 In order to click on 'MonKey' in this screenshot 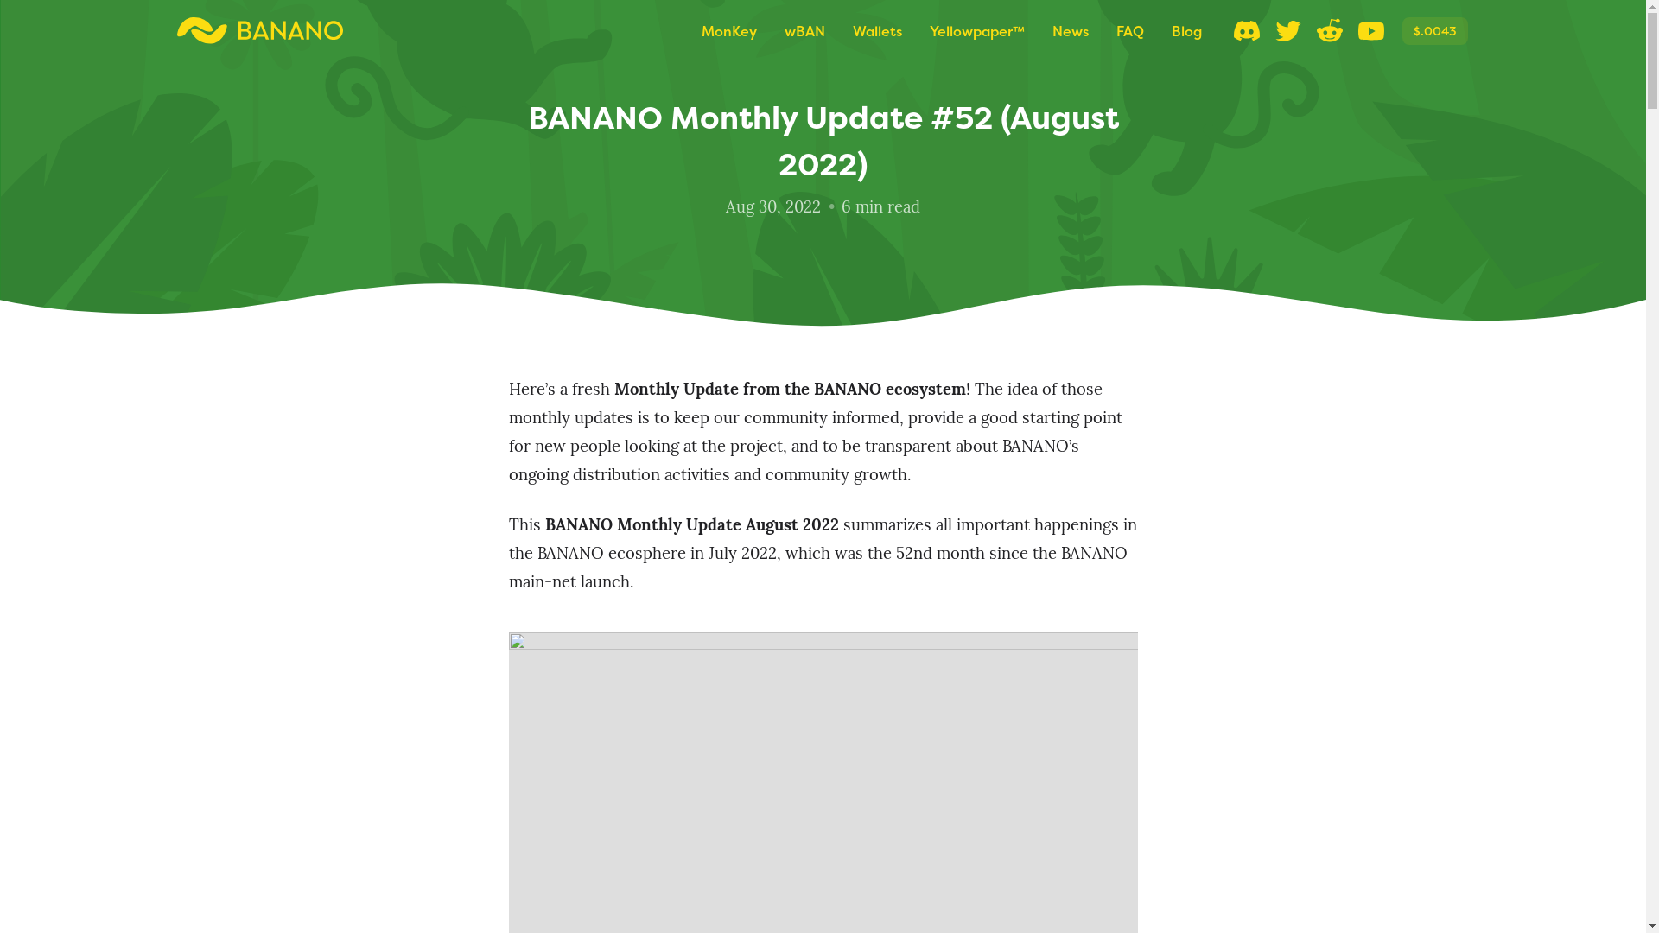, I will do `click(729, 31)`.